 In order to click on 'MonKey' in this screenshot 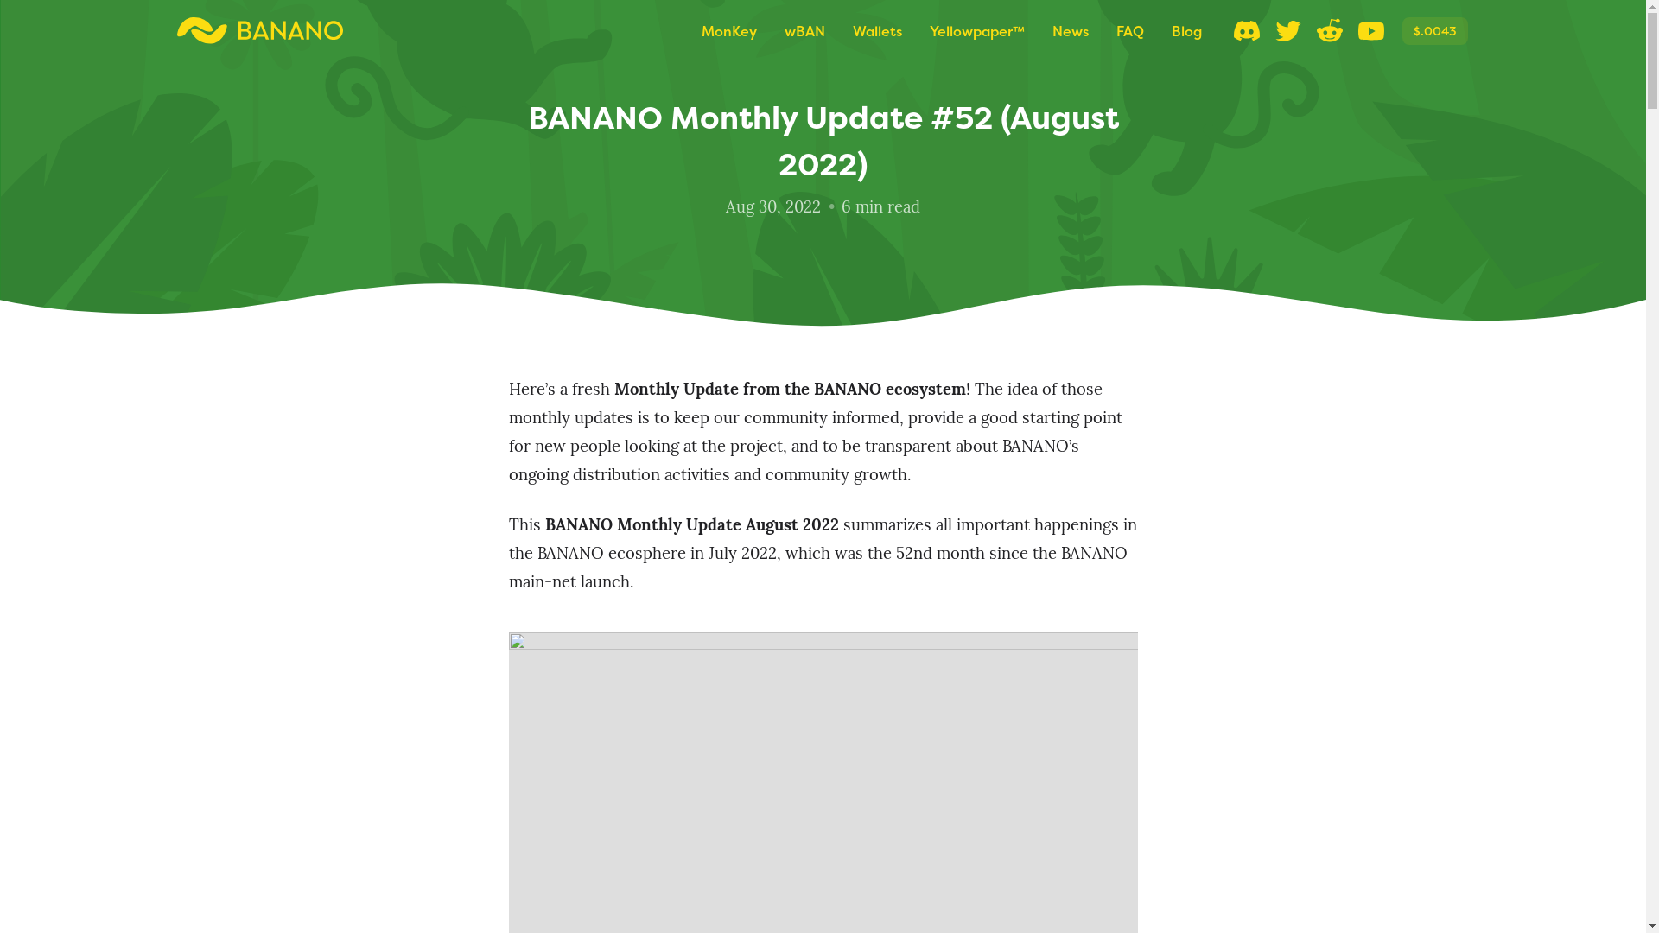, I will do `click(729, 31)`.